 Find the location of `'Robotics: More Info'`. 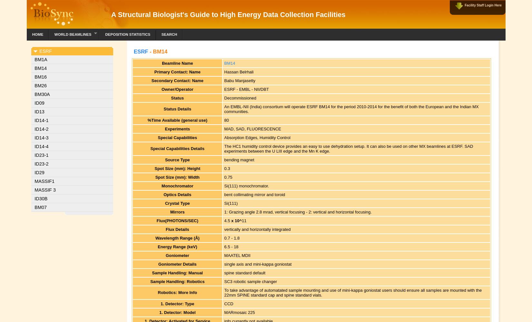

'Robotics: More Info' is located at coordinates (177, 292).